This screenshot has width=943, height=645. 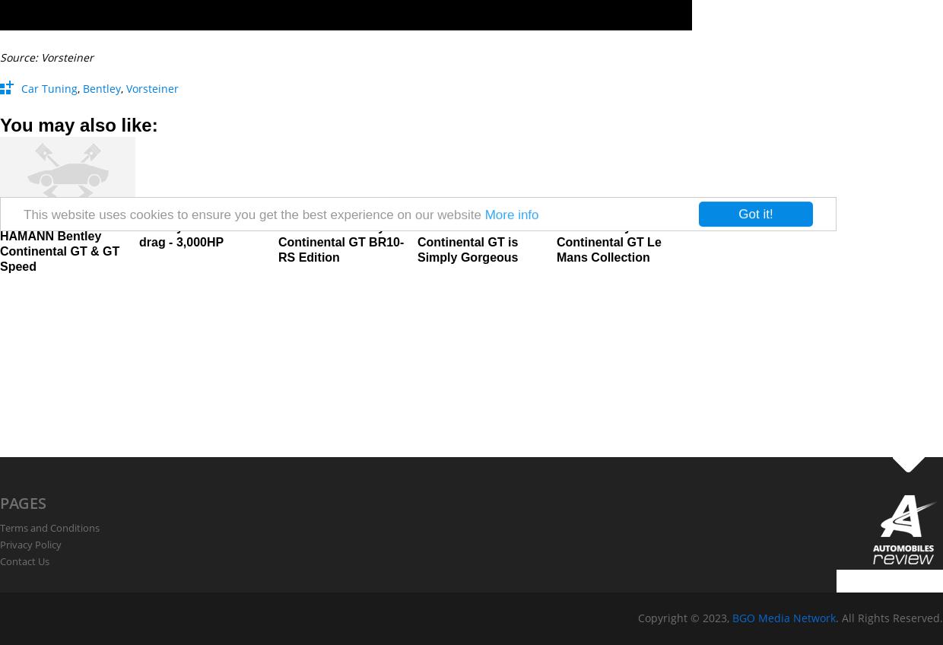 I want to click on 'Terms and Conditions', so click(x=49, y=528).